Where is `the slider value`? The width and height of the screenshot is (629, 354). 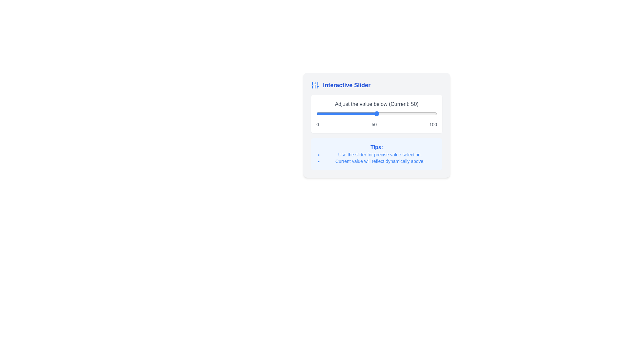 the slider value is located at coordinates (328, 113).